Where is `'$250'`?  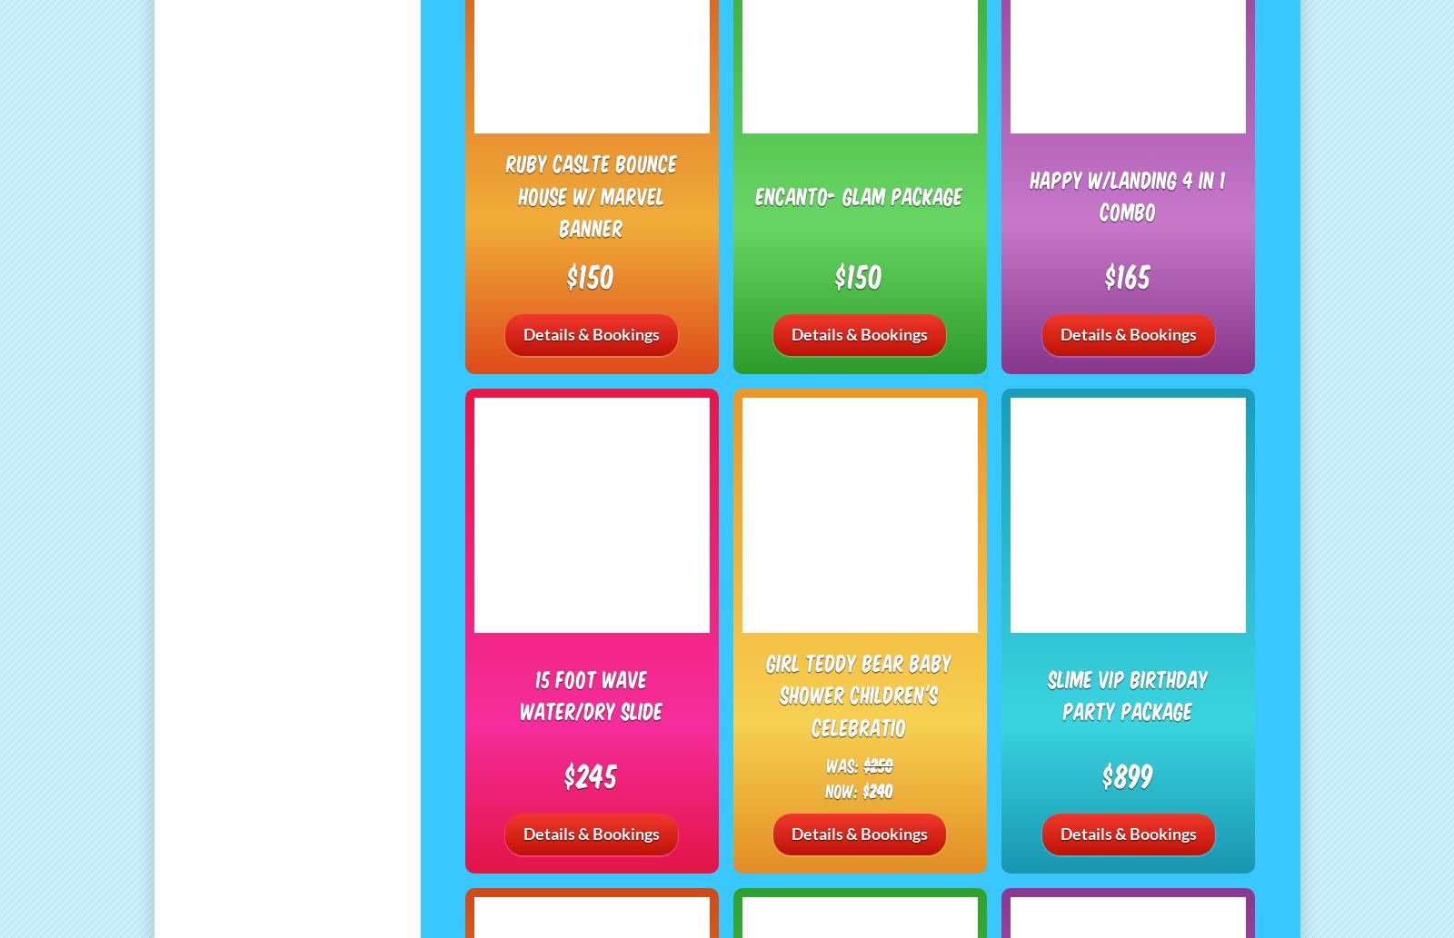
'$250' is located at coordinates (877, 764).